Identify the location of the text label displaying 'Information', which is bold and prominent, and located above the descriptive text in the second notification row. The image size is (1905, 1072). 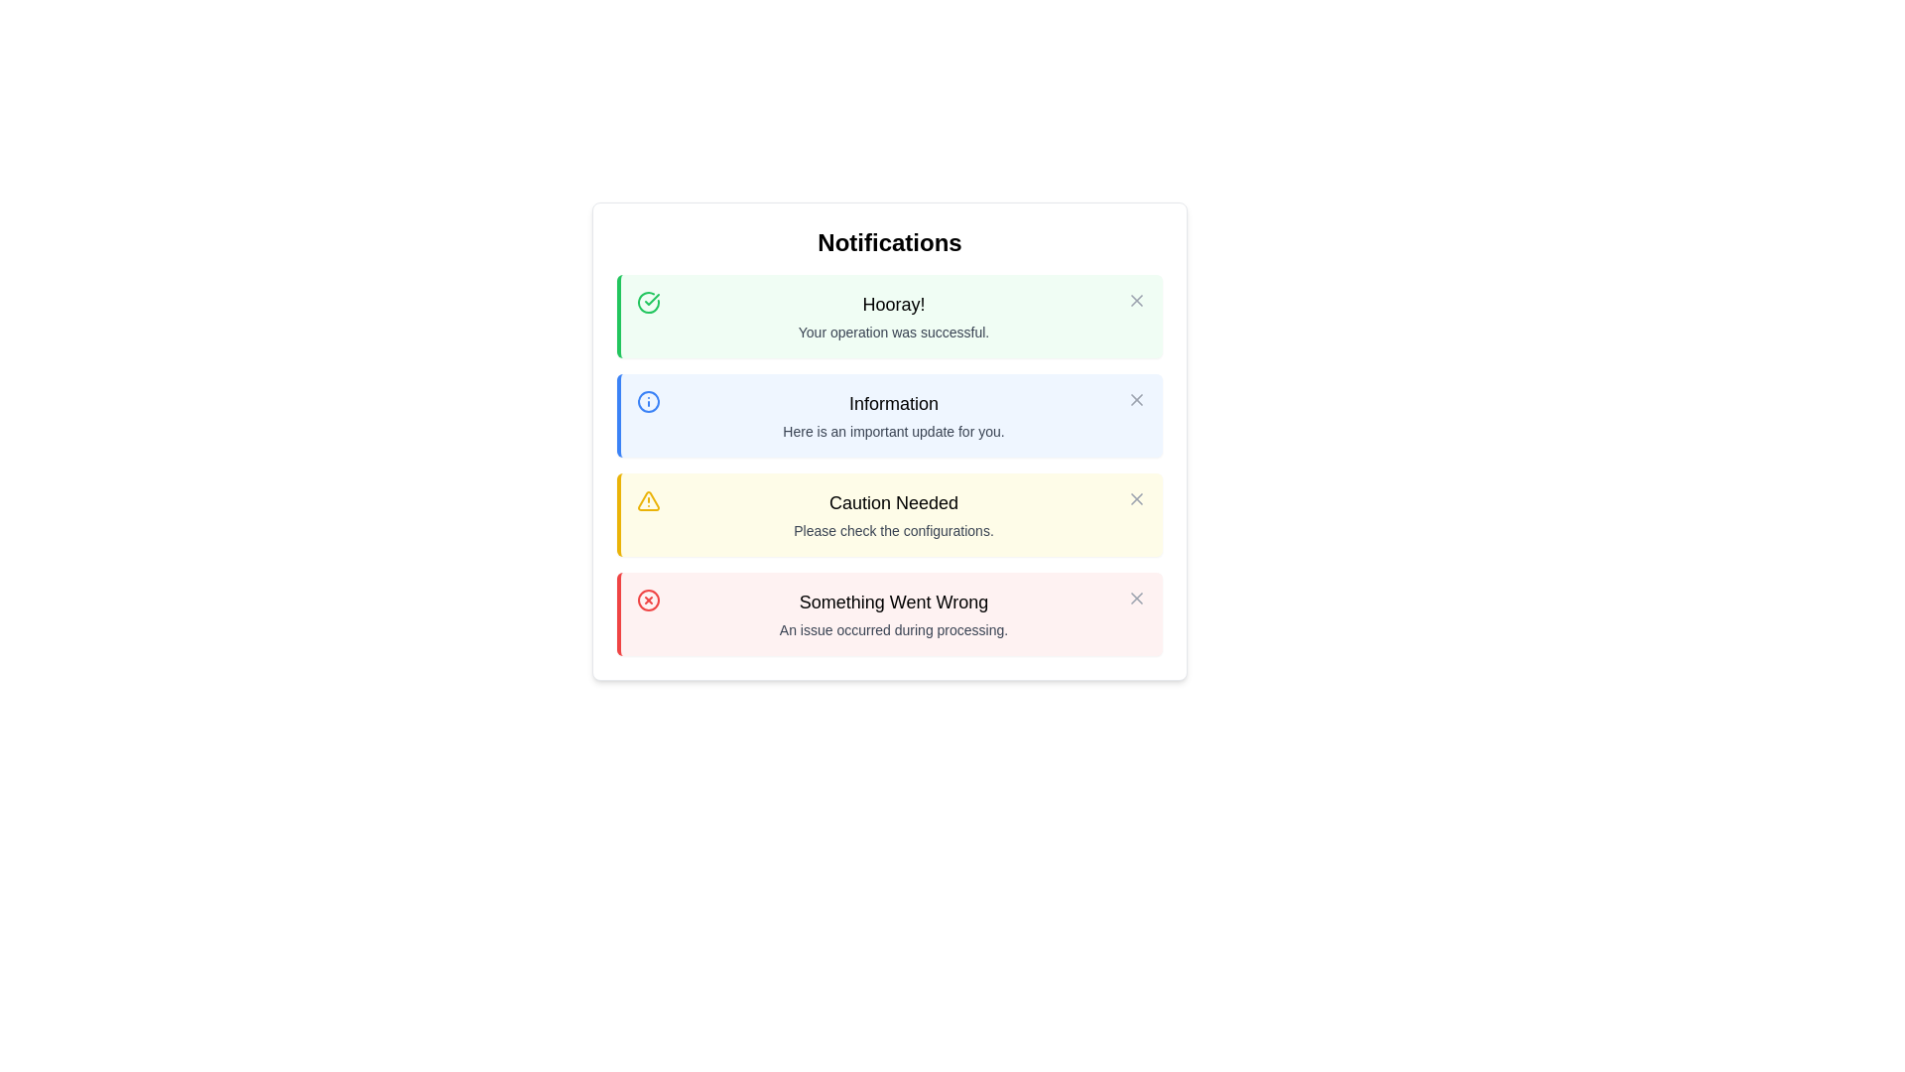
(893, 403).